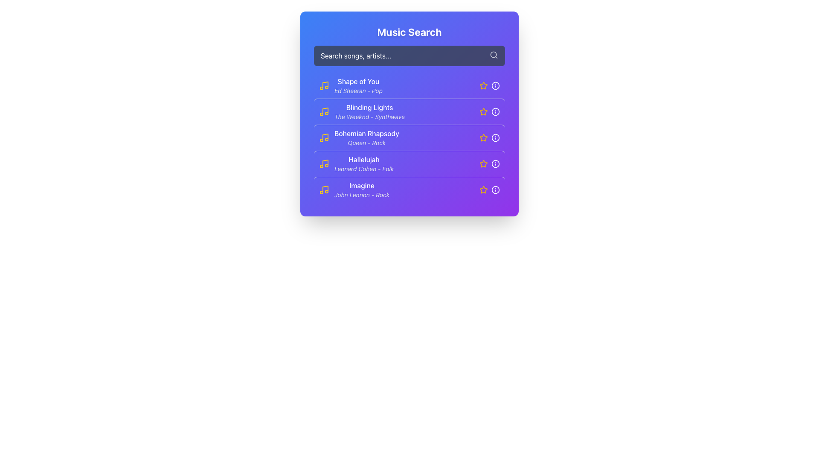 The height and width of the screenshot is (461, 819). Describe the element at coordinates (323, 164) in the screenshot. I see `the SVG graphic icon representing the musical note associated with the song 'Hallelujah' in the 'Music Search' interface` at that location.